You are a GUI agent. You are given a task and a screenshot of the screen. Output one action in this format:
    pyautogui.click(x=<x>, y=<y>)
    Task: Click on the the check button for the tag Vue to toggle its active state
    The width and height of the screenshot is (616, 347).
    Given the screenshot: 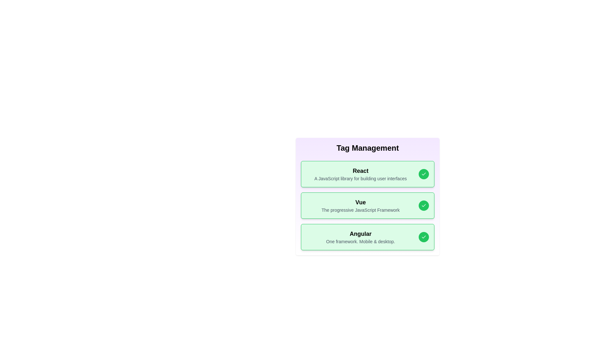 What is the action you would take?
    pyautogui.click(x=424, y=206)
    